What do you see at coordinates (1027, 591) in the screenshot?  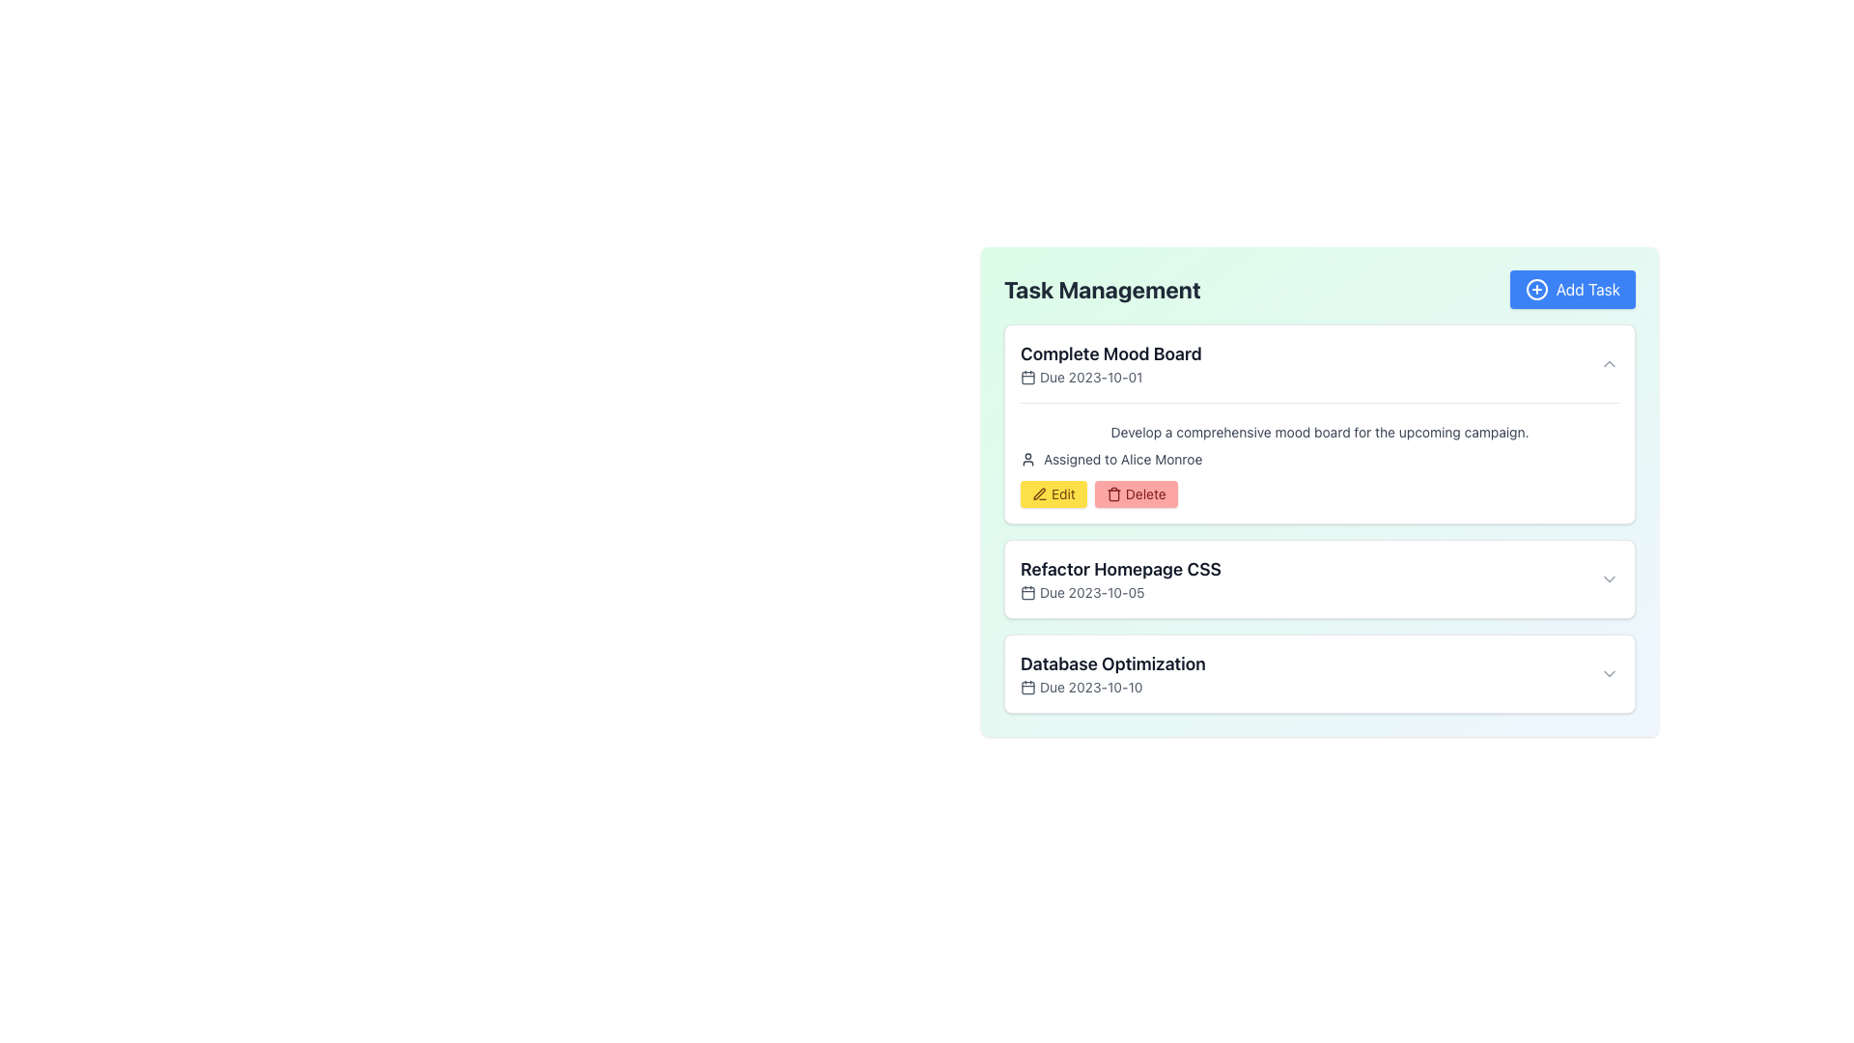 I see `the calendar icon representing the due date next to the text 'Due 2023-10-05' in the task 'Refactor Homepage CSS'` at bounding box center [1027, 591].